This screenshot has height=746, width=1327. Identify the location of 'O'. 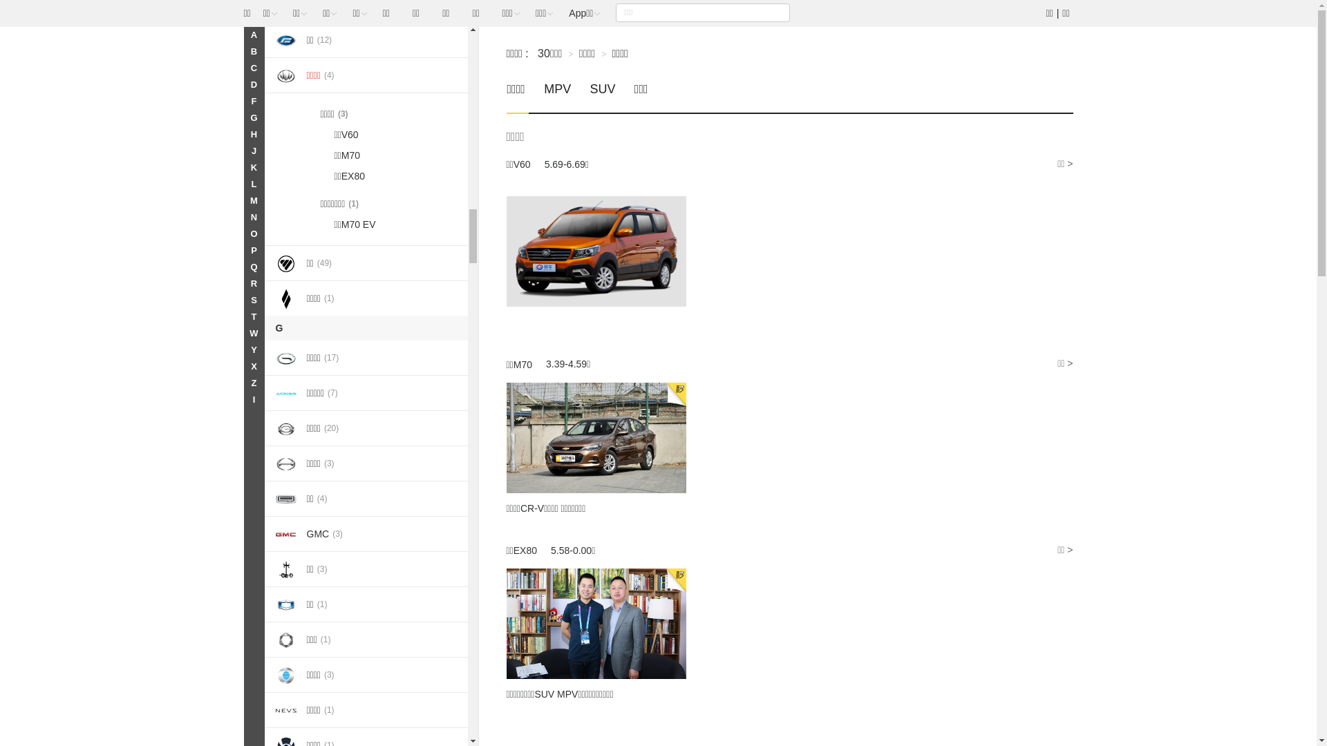
(243, 233).